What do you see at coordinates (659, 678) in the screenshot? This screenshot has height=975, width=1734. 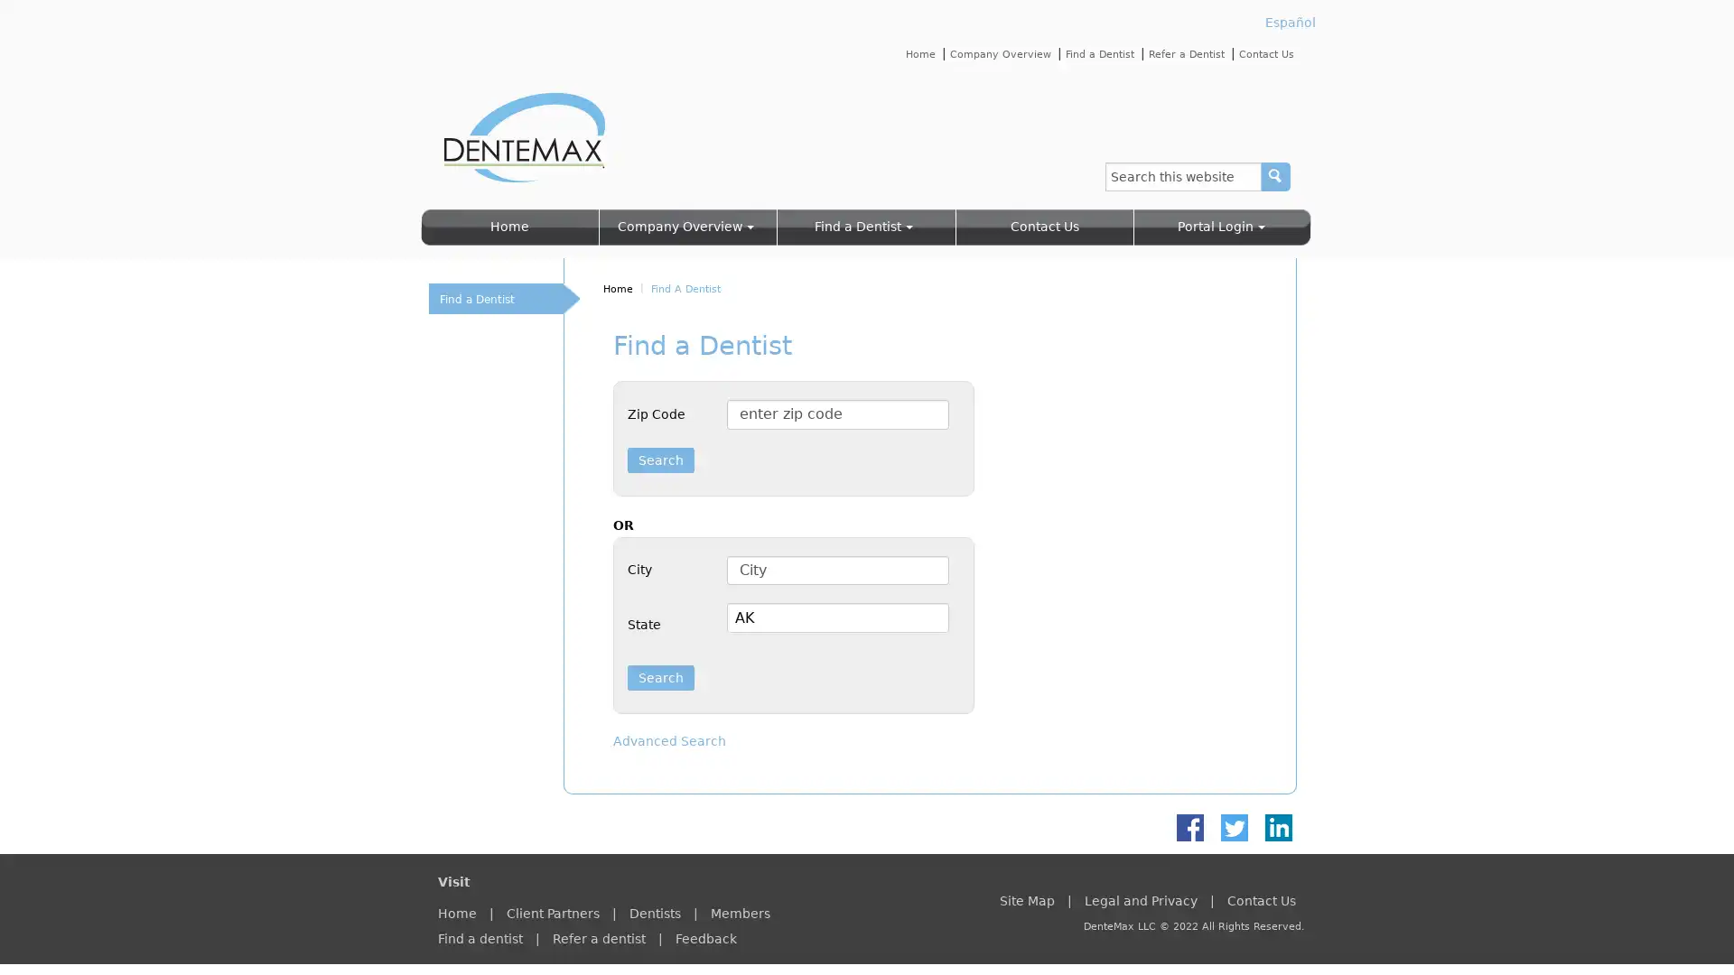 I see `Search` at bounding box center [659, 678].